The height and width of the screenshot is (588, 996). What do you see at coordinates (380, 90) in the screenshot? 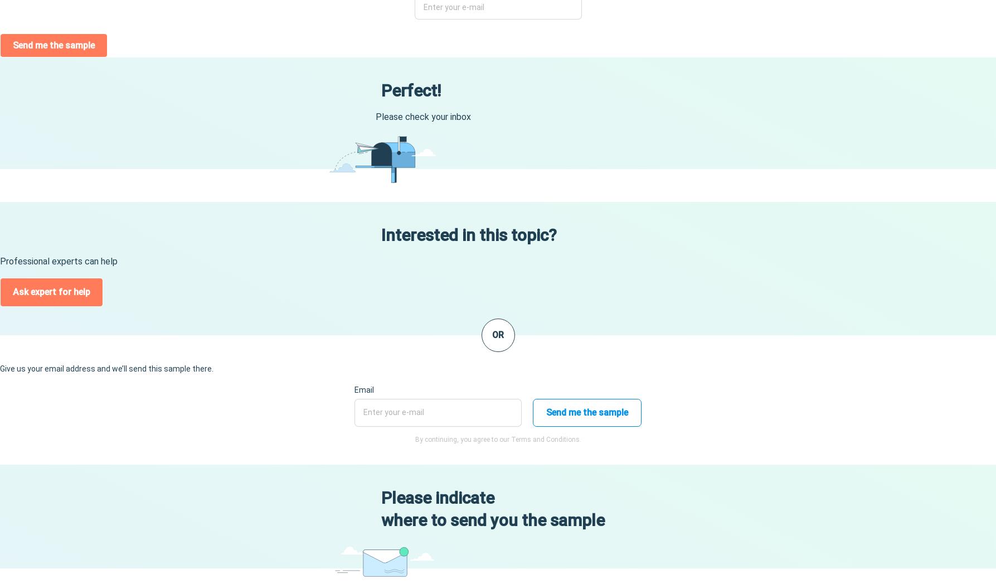
I see `'Perfect!'` at bounding box center [380, 90].